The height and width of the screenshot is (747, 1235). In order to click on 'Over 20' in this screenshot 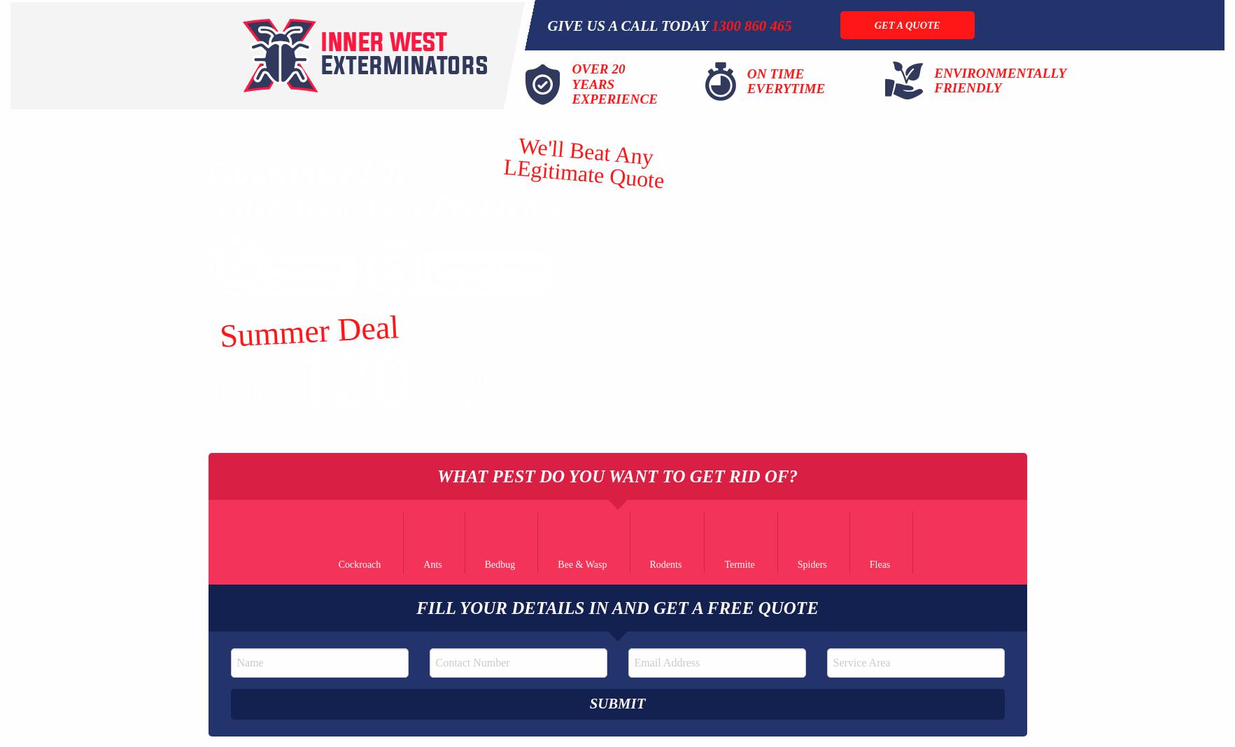, I will do `click(571, 68)`.